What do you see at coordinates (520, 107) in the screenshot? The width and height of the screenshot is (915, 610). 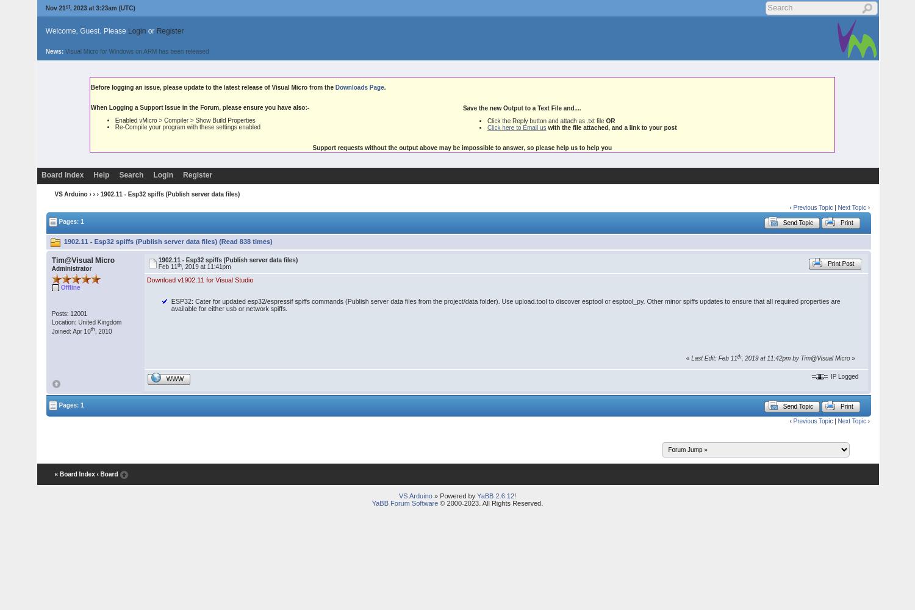 I see `'Save the new Output to a Text File and....'` at bounding box center [520, 107].